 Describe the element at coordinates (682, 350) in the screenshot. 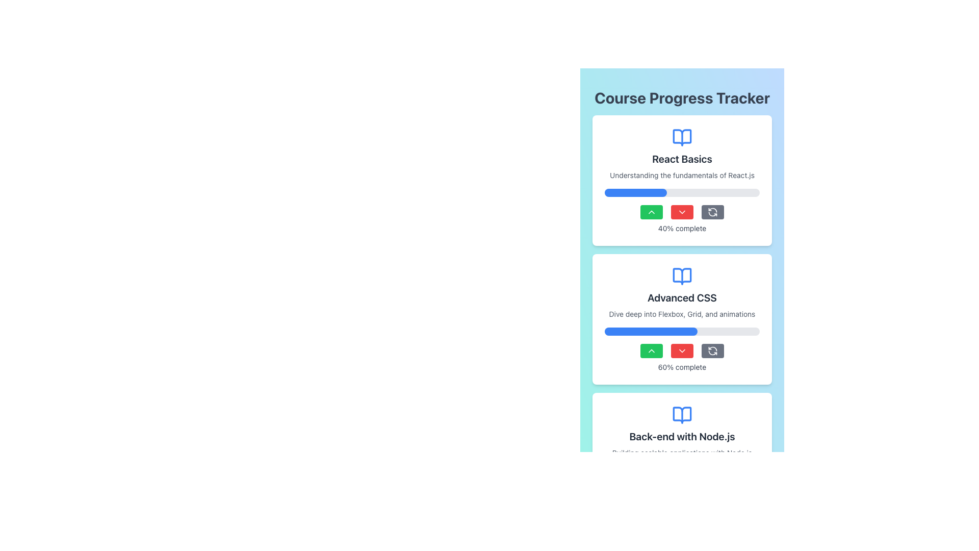

I see `the red down action SVG icon located in the second section of the 'Advanced CSS' list` at that location.